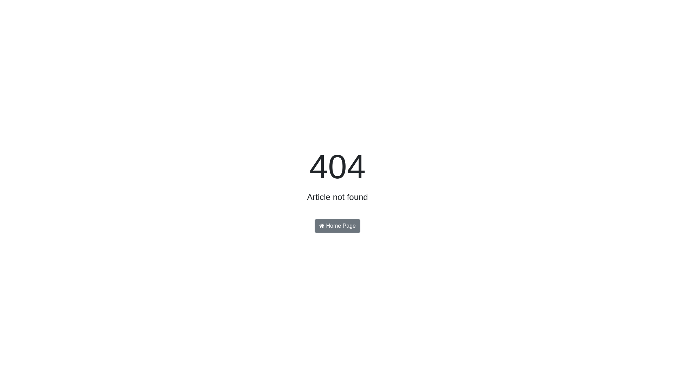 This screenshot has width=675, height=379. Describe the element at coordinates (337, 226) in the screenshot. I see `'Home Page'` at that location.